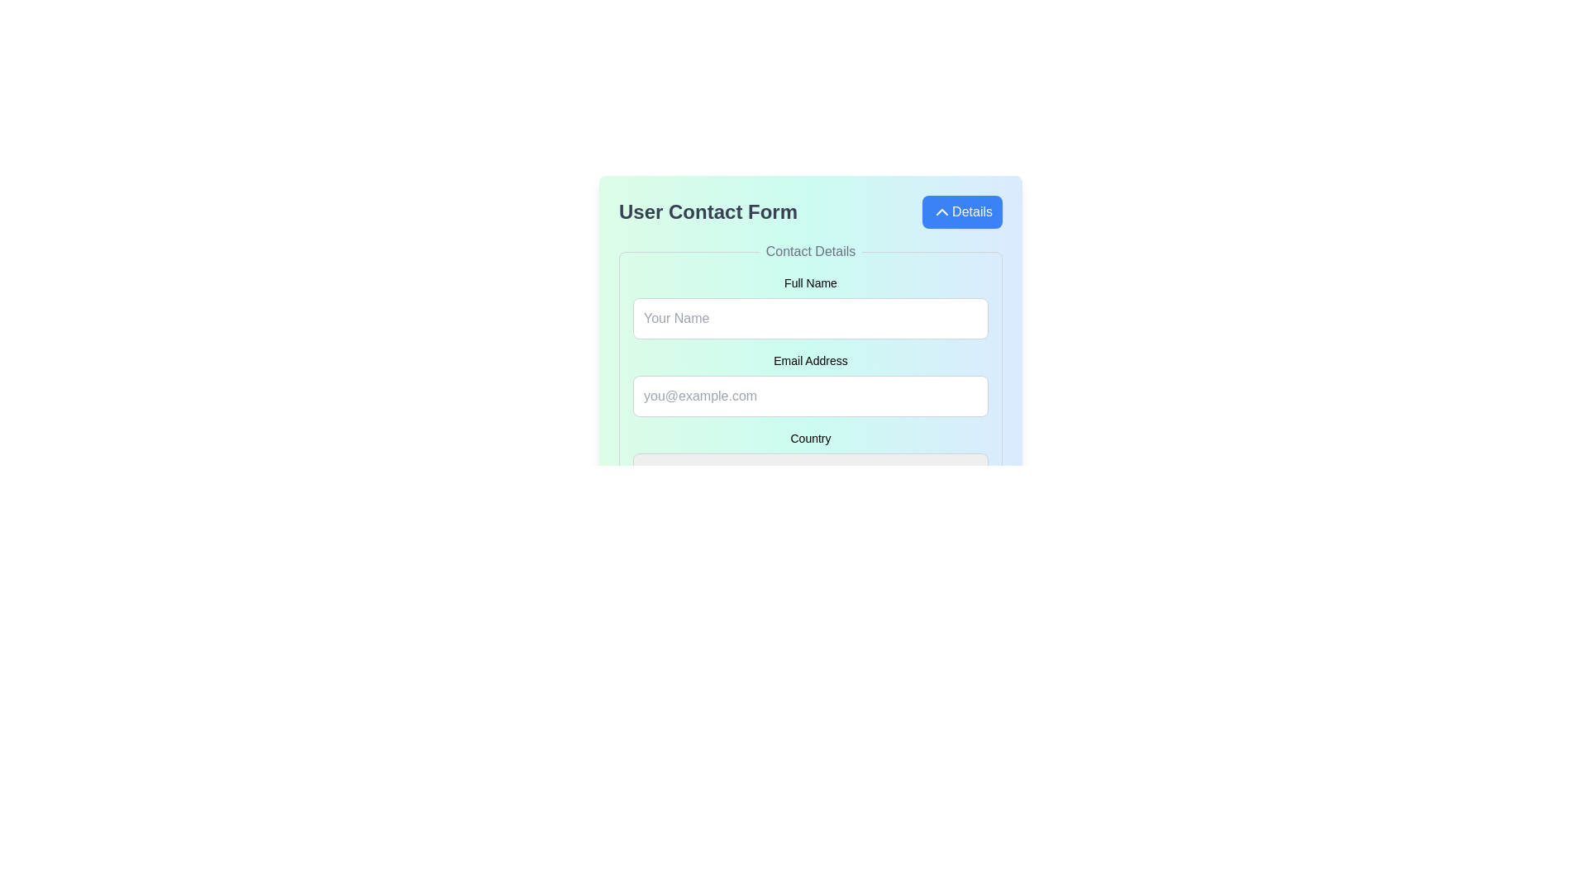 The width and height of the screenshot is (1587, 892). What do you see at coordinates (810, 460) in the screenshot?
I see `the 'Country' dropdown menu, which is the third input field in the contact form` at bounding box center [810, 460].